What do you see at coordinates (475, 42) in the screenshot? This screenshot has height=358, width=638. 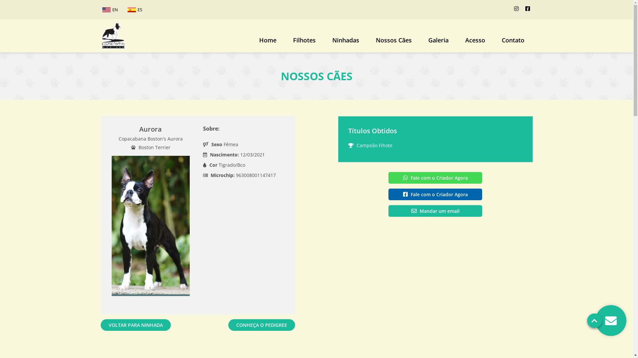 I see `'Acesso'` at bounding box center [475, 42].